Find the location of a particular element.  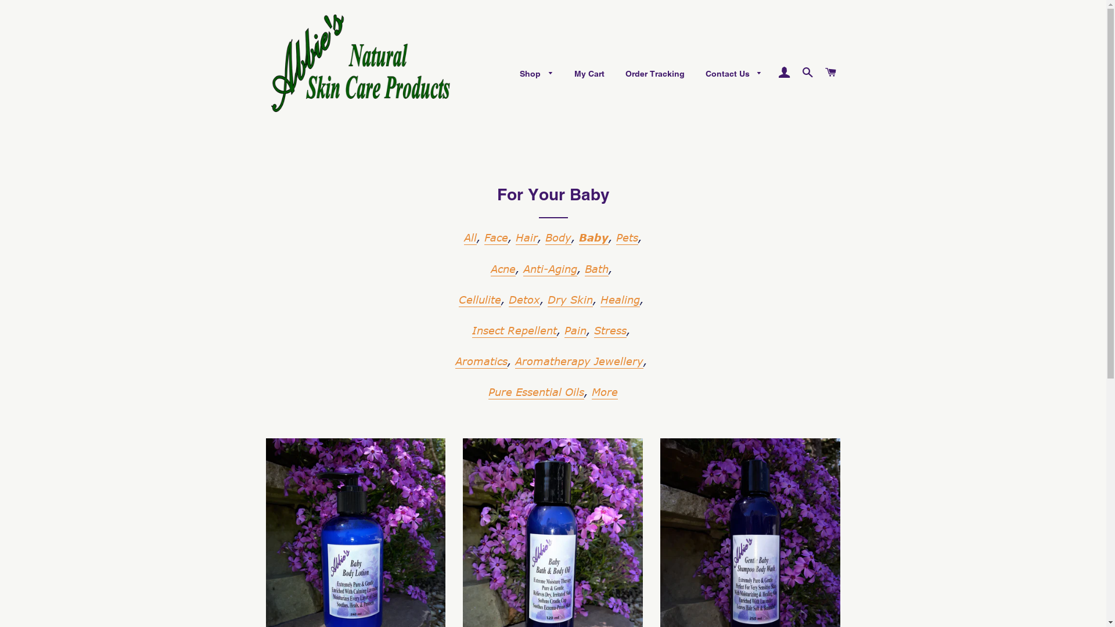

'Pain' is located at coordinates (575, 331).